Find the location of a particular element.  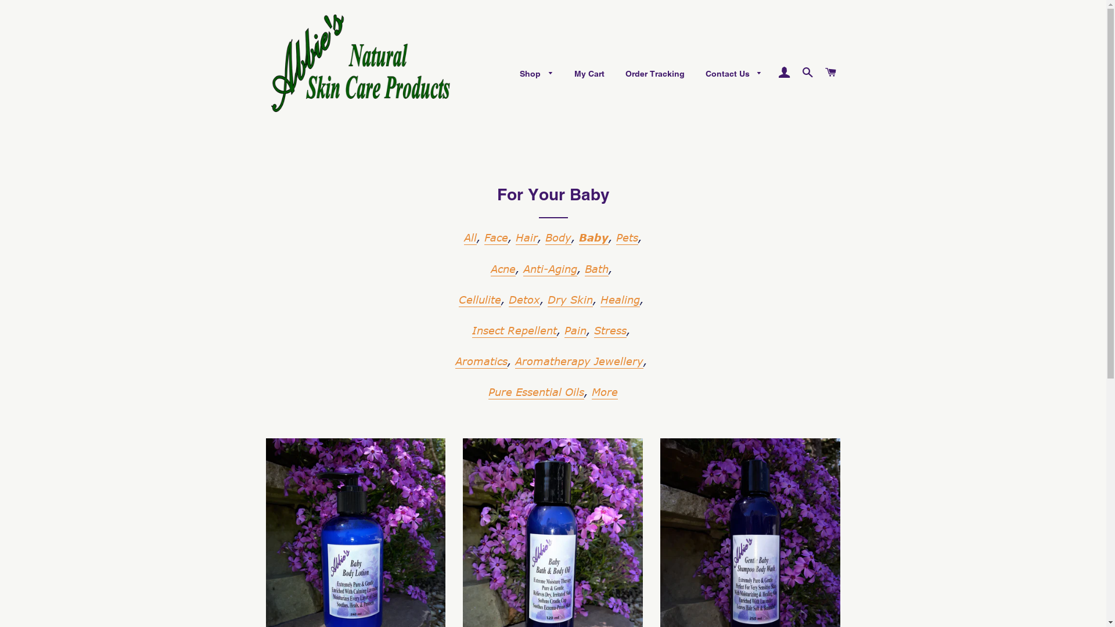

'Pain' is located at coordinates (575, 331).